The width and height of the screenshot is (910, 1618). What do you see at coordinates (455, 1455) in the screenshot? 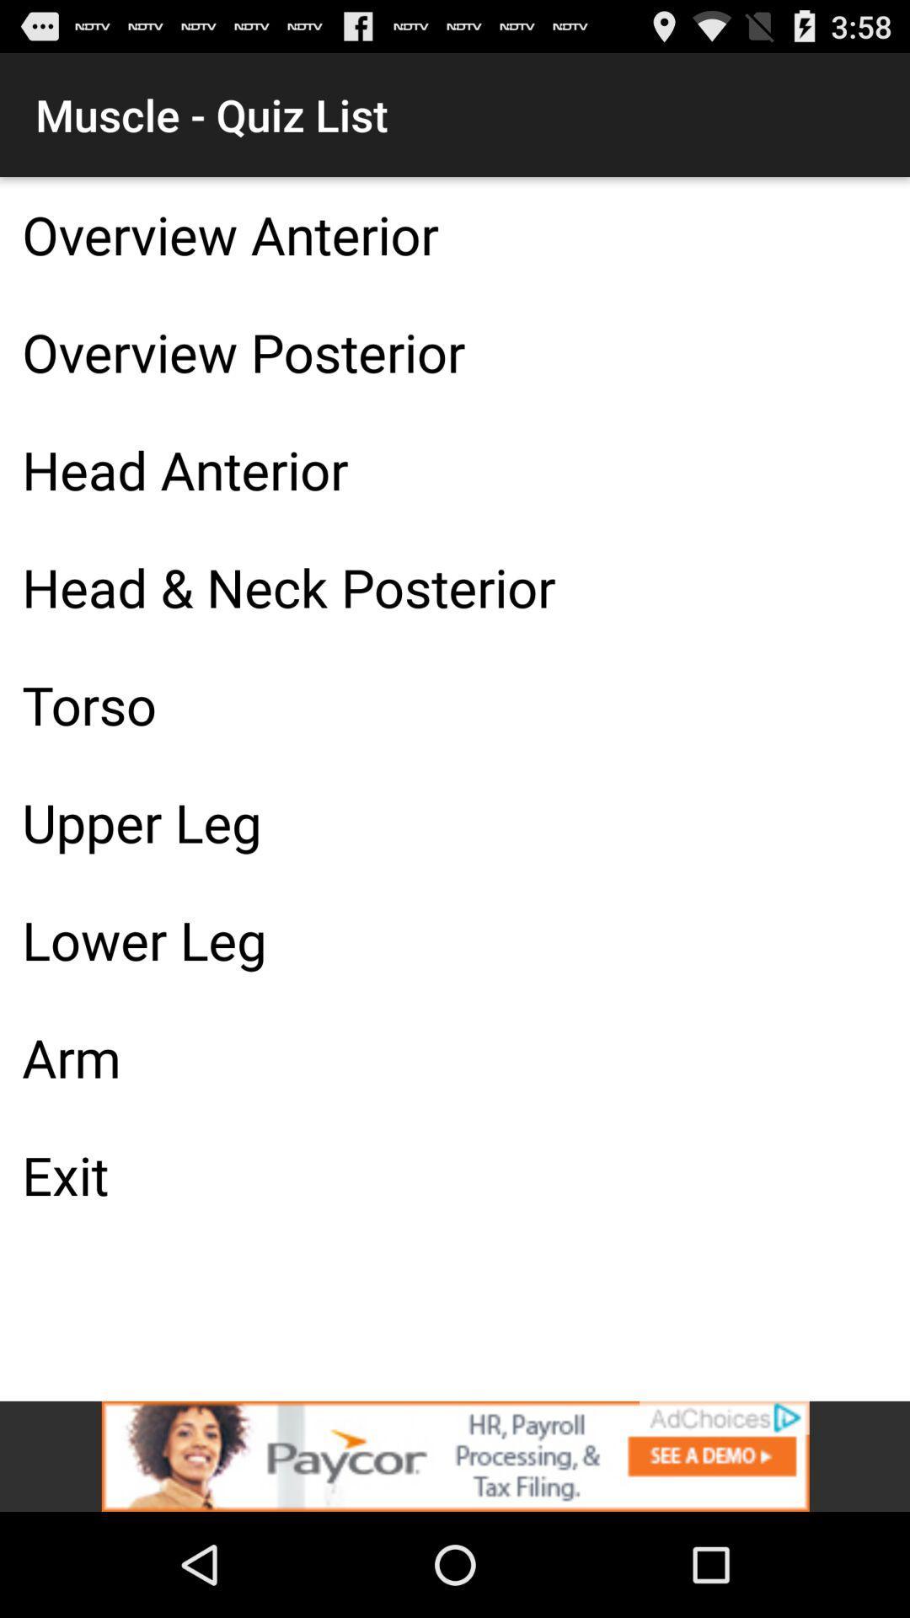
I see `advertisement page` at bounding box center [455, 1455].